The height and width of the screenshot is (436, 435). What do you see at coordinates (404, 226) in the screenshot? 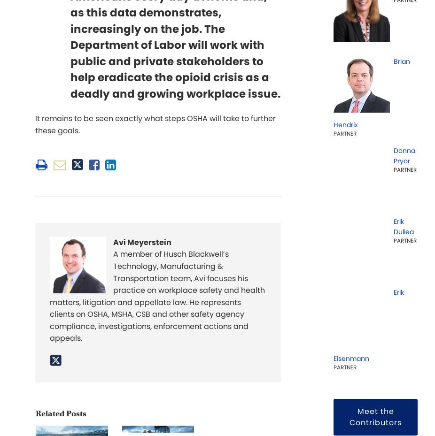
I see `'Erik Dullea'` at bounding box center [404, 226].